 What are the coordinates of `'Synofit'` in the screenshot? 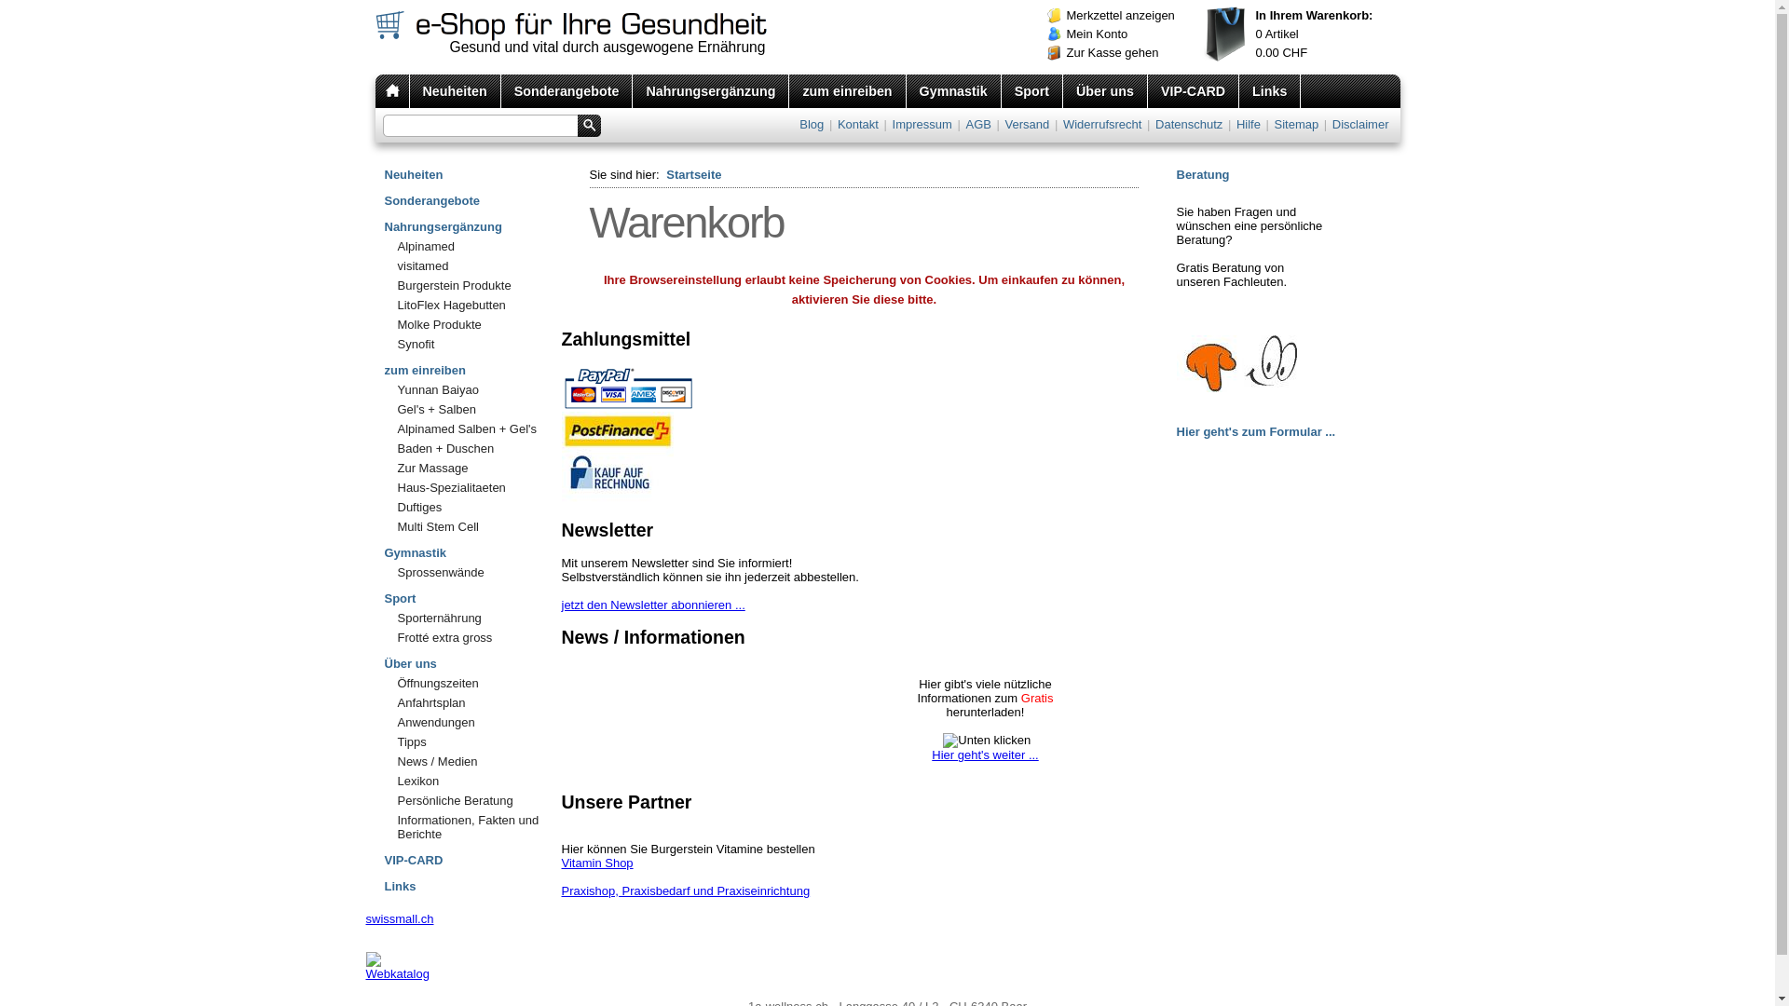 It's located at (383, 344).